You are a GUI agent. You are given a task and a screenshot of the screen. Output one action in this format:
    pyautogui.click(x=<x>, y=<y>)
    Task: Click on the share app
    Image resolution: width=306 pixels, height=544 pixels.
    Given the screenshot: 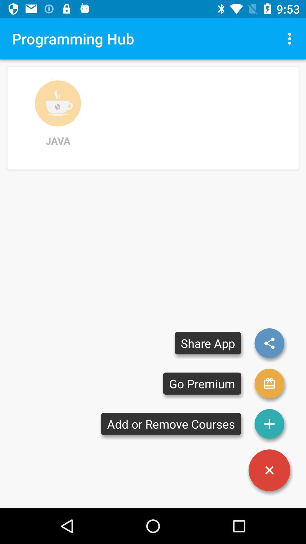 What is the action you would take?
    pyautogui.click(x=269, y=343)
    